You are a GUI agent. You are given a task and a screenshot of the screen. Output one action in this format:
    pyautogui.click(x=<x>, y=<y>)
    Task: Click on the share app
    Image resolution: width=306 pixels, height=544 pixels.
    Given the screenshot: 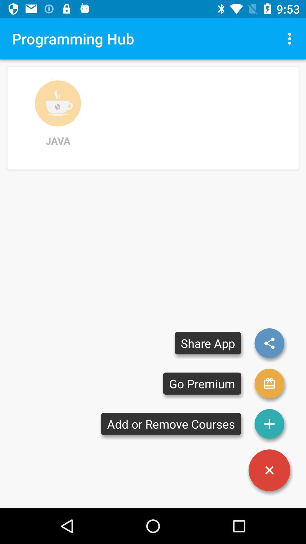 What is the action you would take?
    pyautogui.click(x=269, y=343)
    